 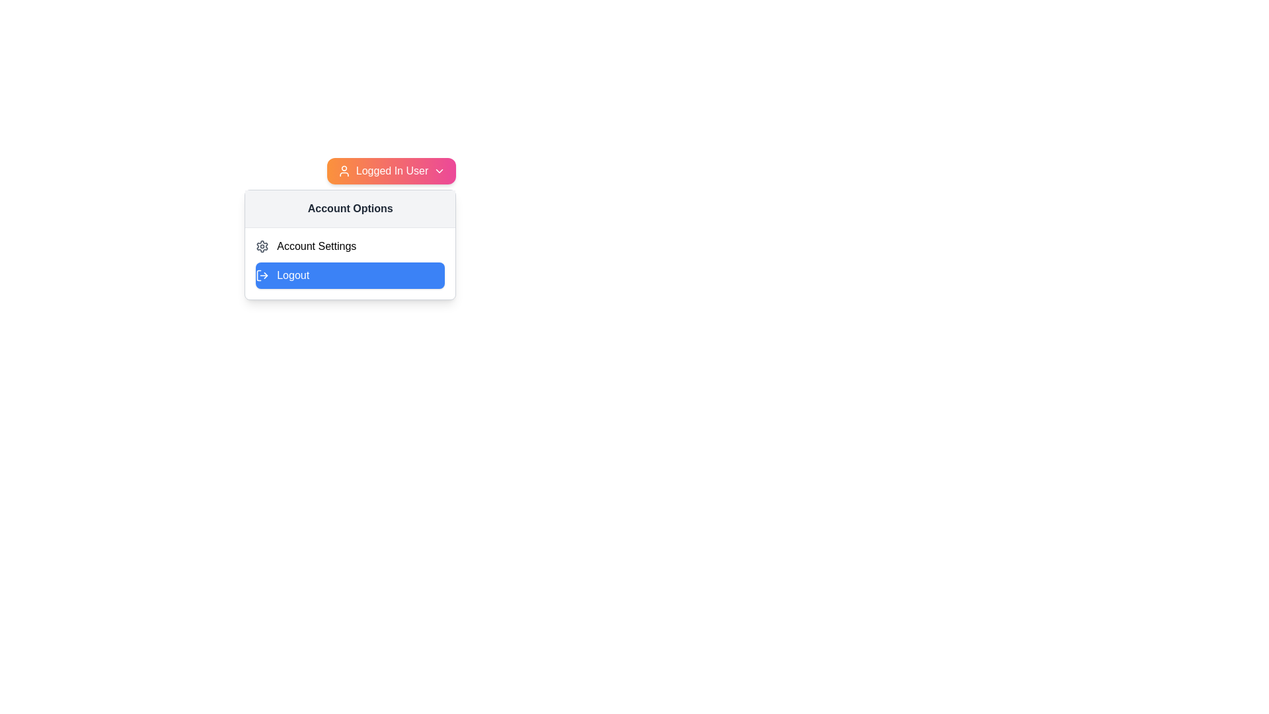 What do you see at coordinates (262, 247) in the screenshot?
I see `the gear-shaped icon in the 'Account Options' dropdown menu, located near the 'Account Settings' label` at bounding box center [262, 247].